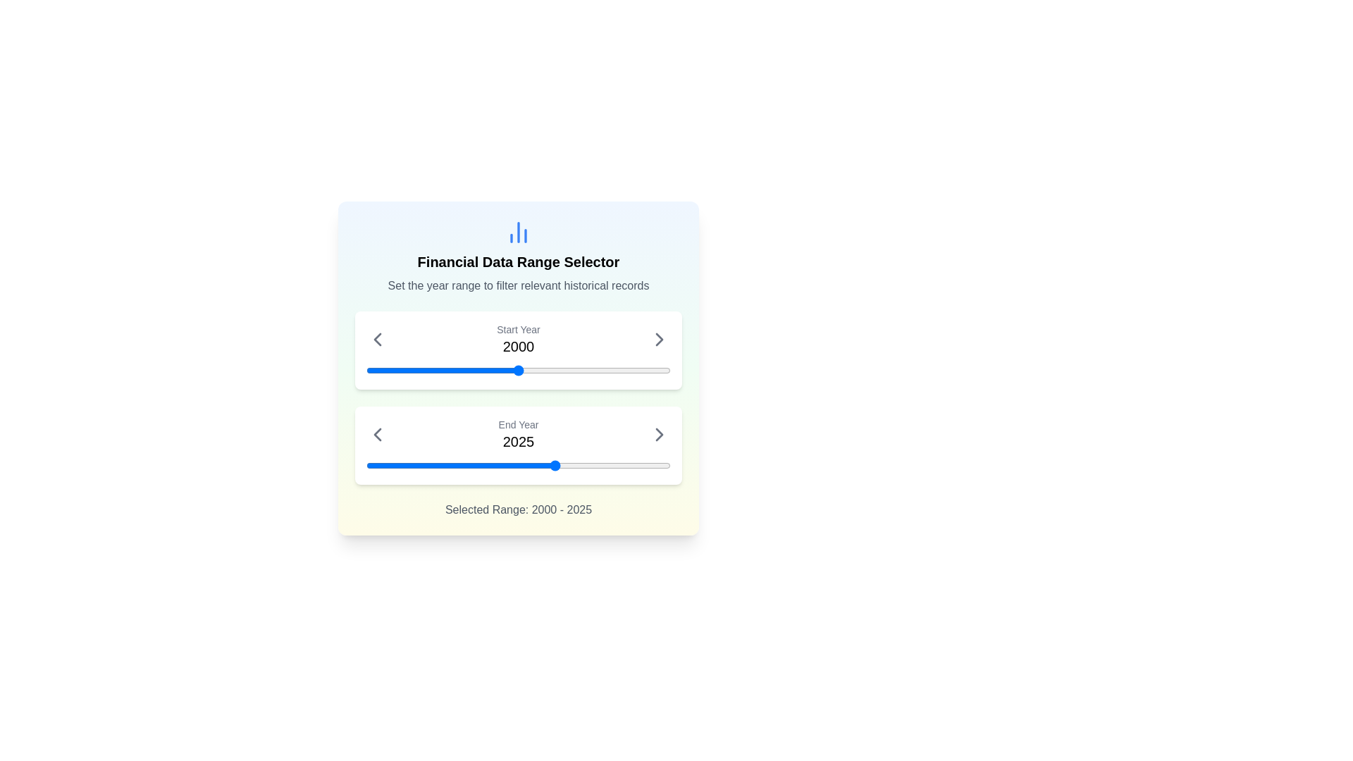 The height and width of the screenshot is (761, 1353). What do you see at coordinates (551, 369) in the screenshot?
I see `the start year of the range` at bounding box center [551, 369].